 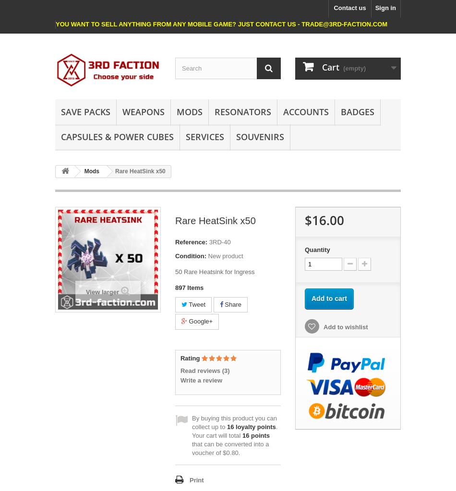 I want to click on 'Items', so click(x=194, y=287).